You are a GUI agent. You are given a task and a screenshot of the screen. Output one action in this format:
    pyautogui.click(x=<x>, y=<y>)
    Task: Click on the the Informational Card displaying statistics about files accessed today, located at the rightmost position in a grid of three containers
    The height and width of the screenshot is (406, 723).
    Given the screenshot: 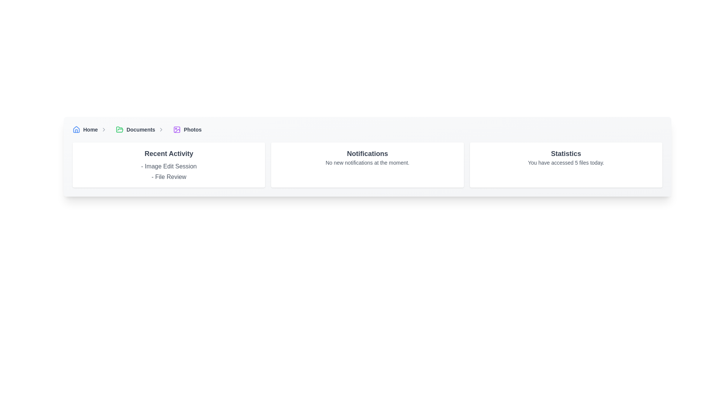 What is the action you would take?
    pyautogui.click(x=566, y=165)
    